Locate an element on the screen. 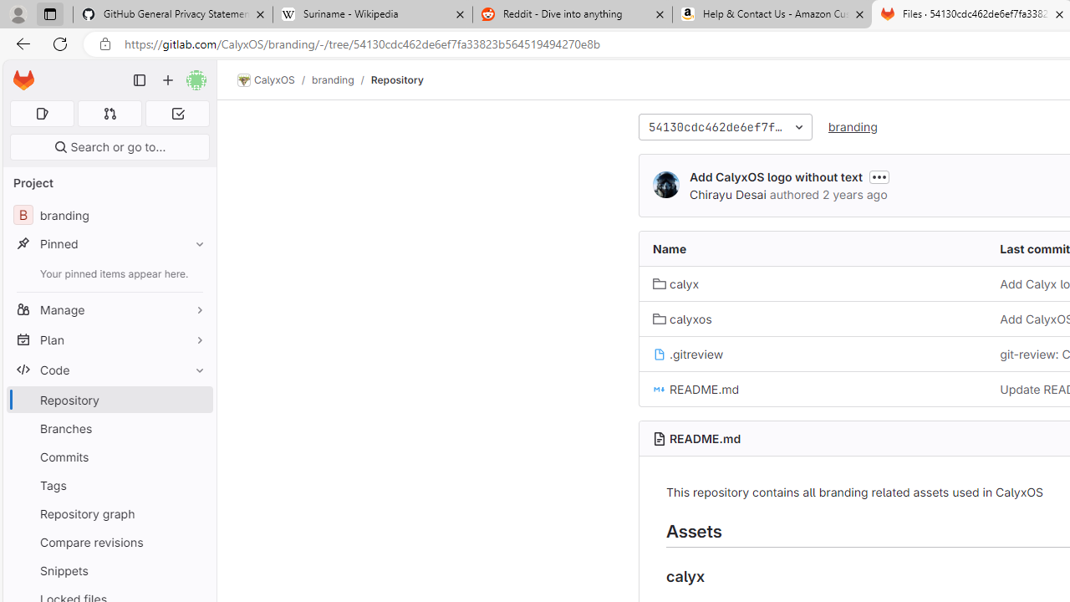  '.gitreview' is located at coordinates (688, 353).